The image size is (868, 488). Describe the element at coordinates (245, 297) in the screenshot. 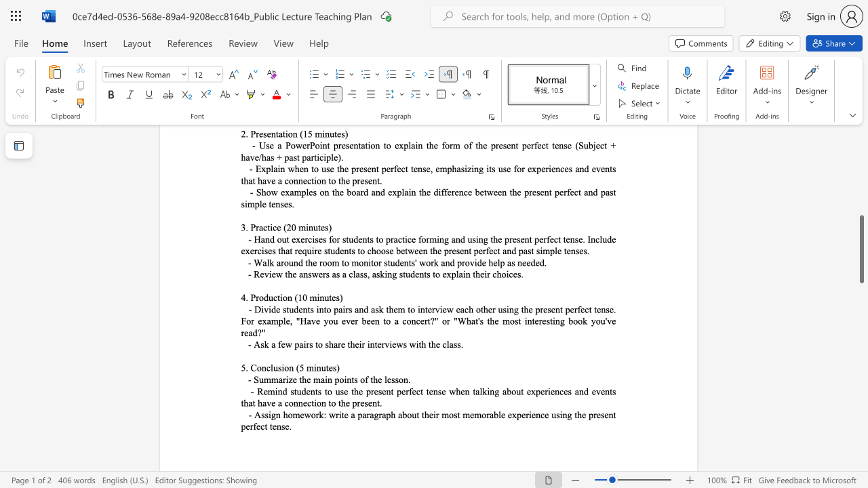

I see `the subset text ". Produ" within the text "4. Production (10 minutes)"` at that location.